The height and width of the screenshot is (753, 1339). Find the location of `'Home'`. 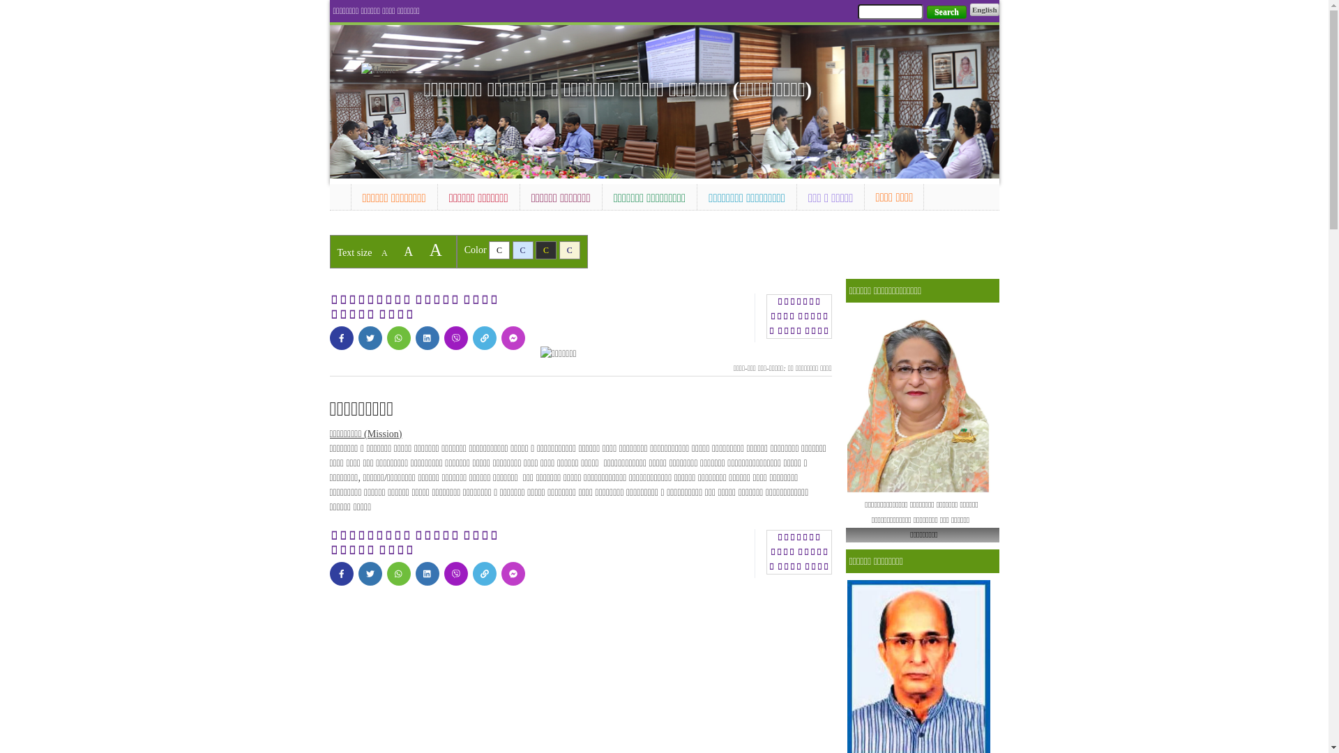

'Home' is located at coordinates (339, 195).